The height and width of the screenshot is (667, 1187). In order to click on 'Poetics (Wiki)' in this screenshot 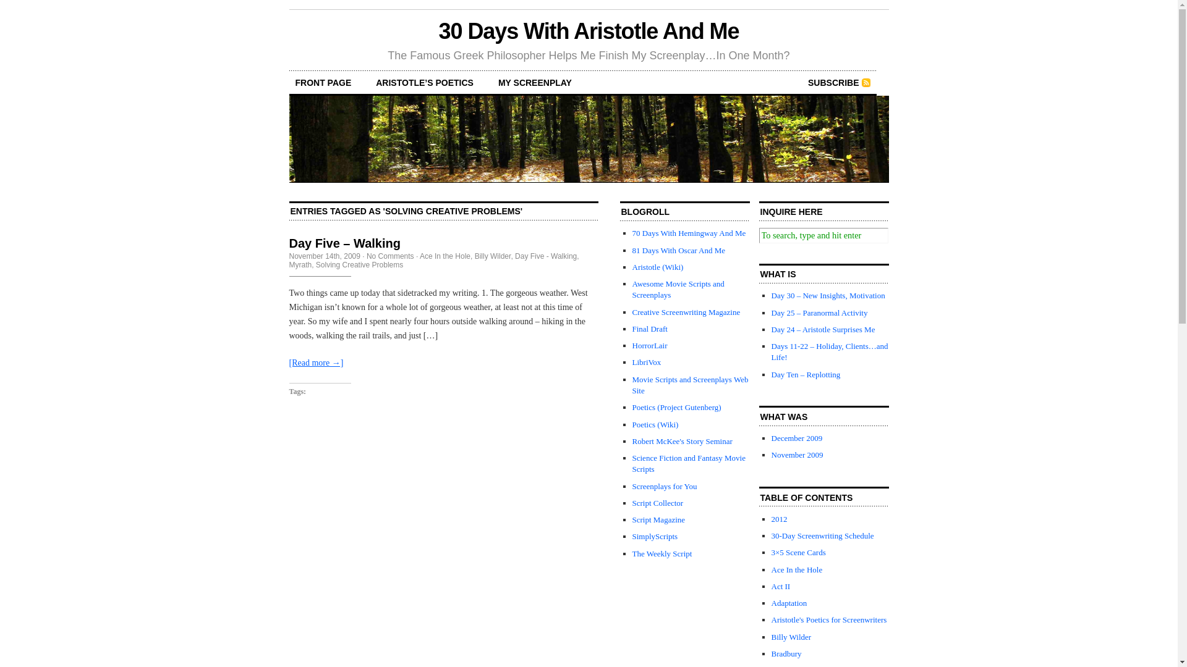, I will do `click(654, 424)`.